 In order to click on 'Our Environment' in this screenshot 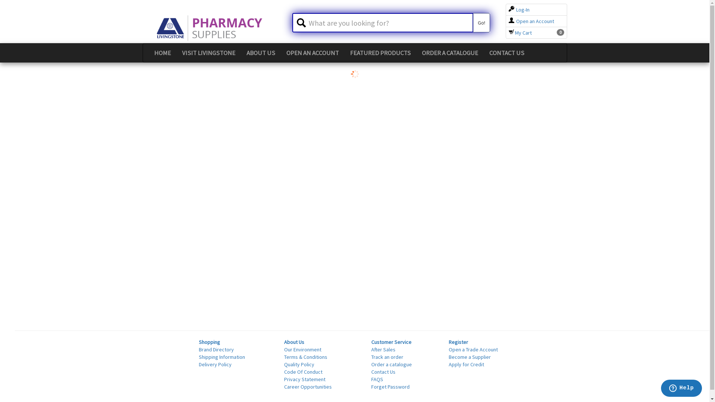, I will do `click(302, 349)`.